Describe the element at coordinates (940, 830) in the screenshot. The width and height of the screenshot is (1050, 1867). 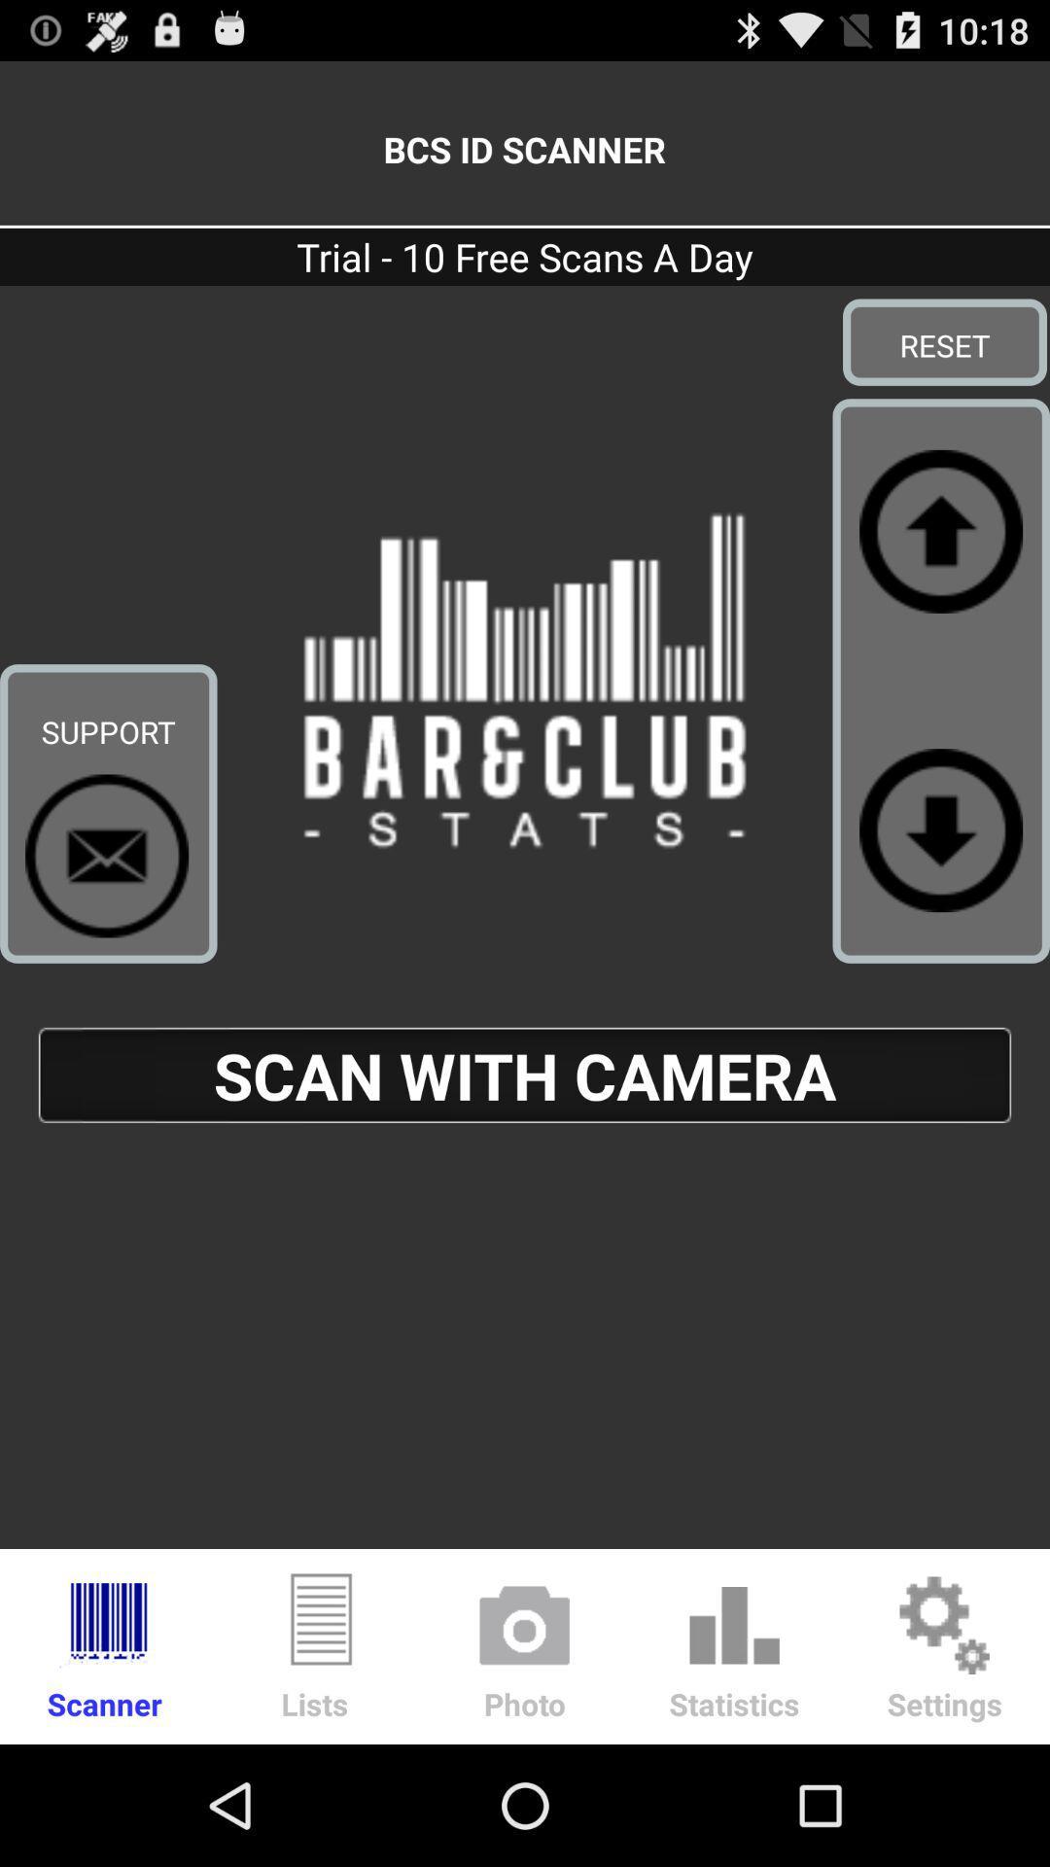
I see `go down` at that location.